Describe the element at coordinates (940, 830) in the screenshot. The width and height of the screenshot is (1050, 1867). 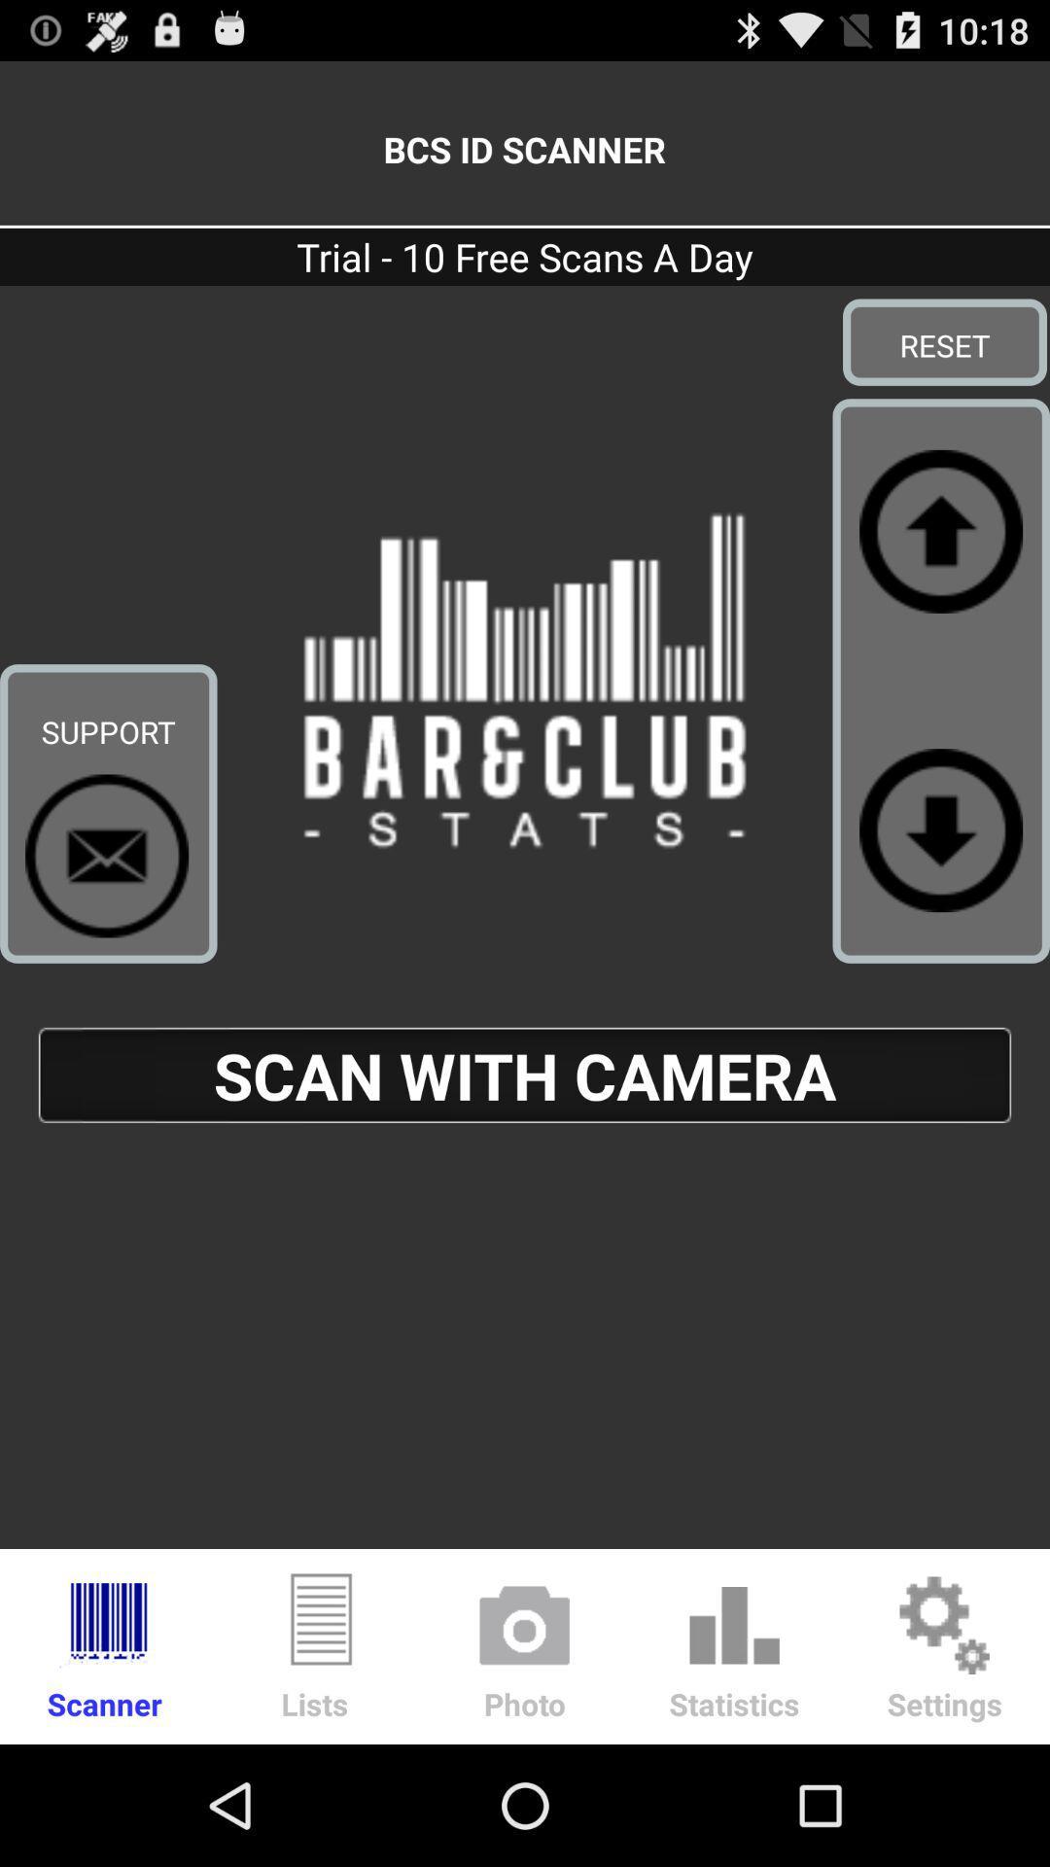
I see `go down` at that location.